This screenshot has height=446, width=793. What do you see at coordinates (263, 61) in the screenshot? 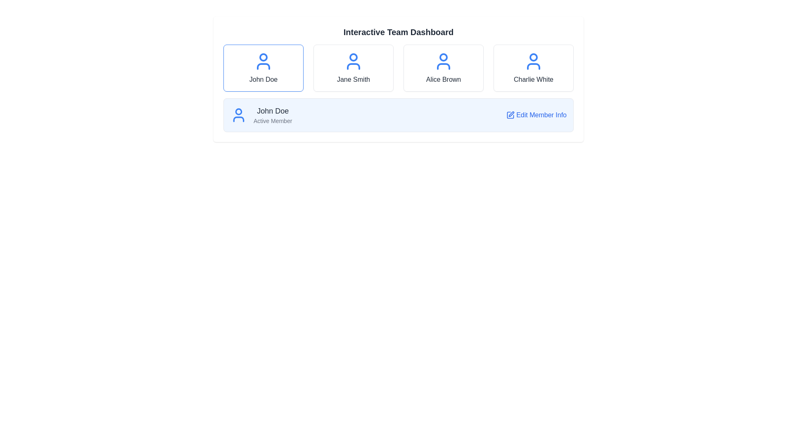
I see `the user profile icon representing 'John Doe', which is located in the first card of user profile cards, centered above the text 'John Doe'` at bounding box center [263, 61].